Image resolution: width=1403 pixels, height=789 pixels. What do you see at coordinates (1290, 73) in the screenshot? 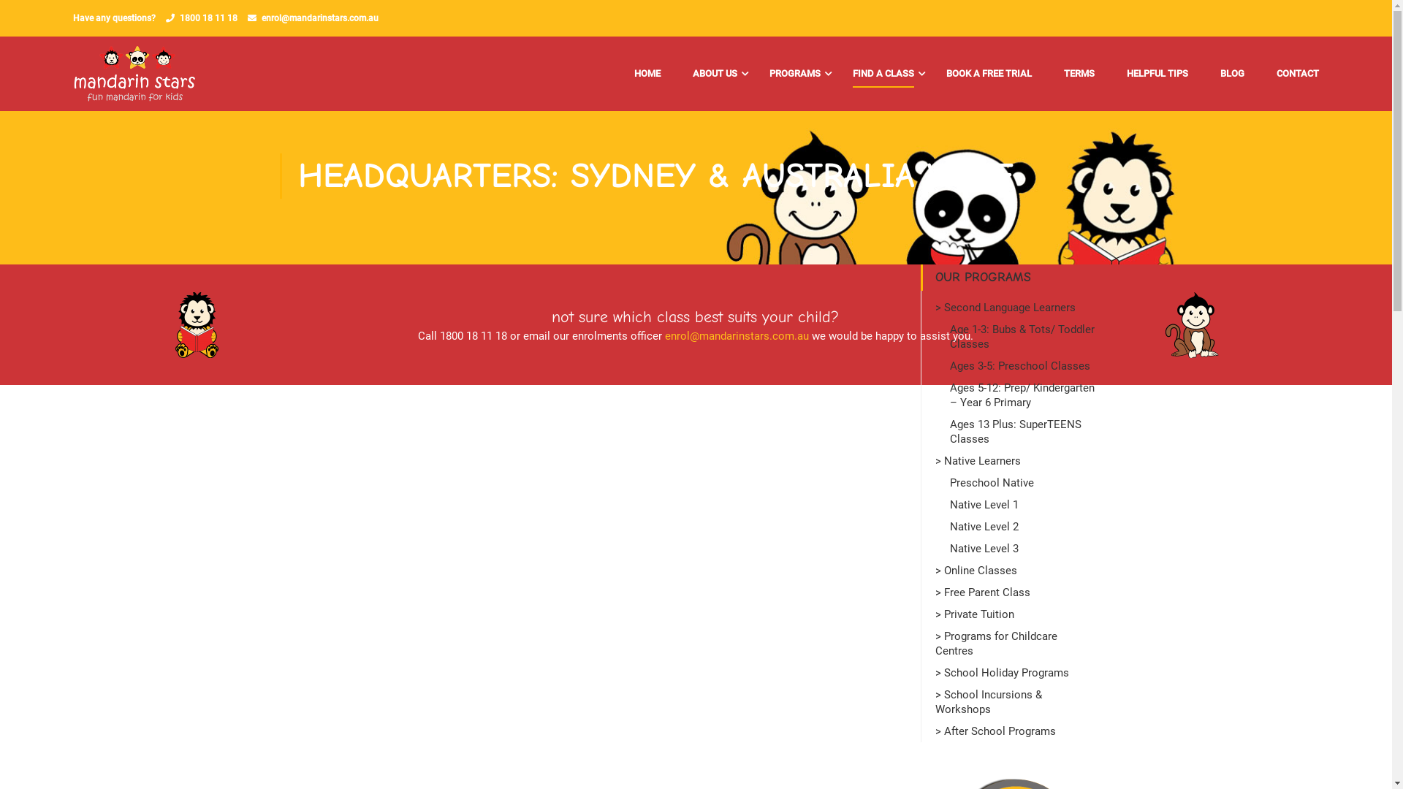
I see `'CONTACT'` at bounding box center [1290, 73].